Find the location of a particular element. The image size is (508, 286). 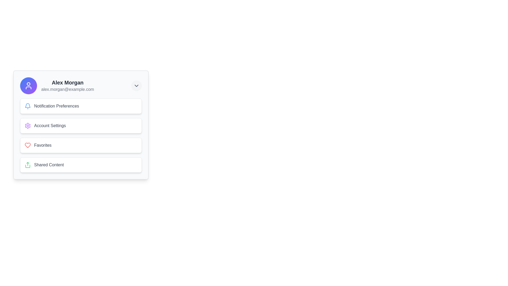

the bell-shaped notification icon, which is located to the left of the text 'Notification Preferences' in the settings menu is located at coordinates (28, 106).